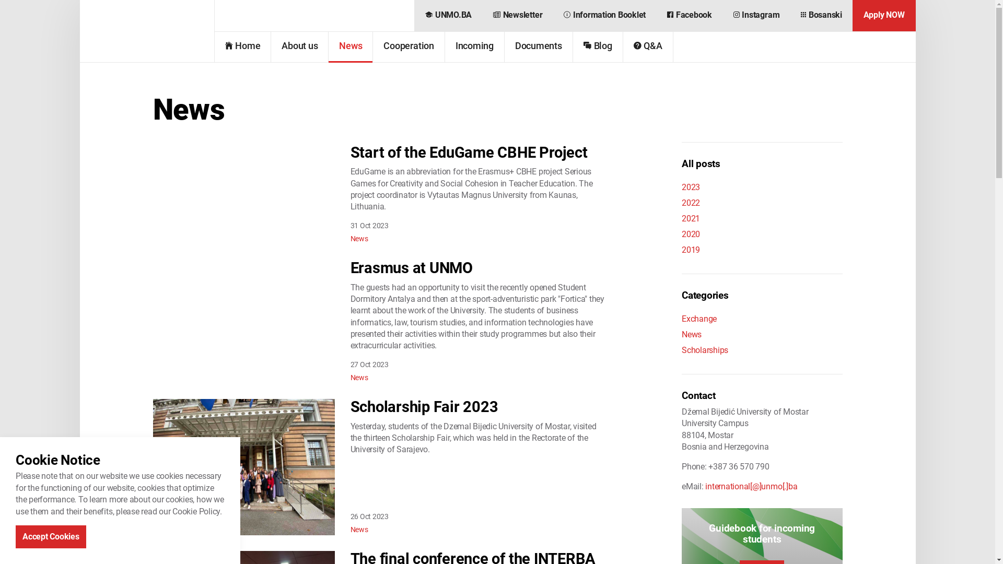 The image size is (1003, 564). I want to click on 'Bosanski', so click(821, 16).